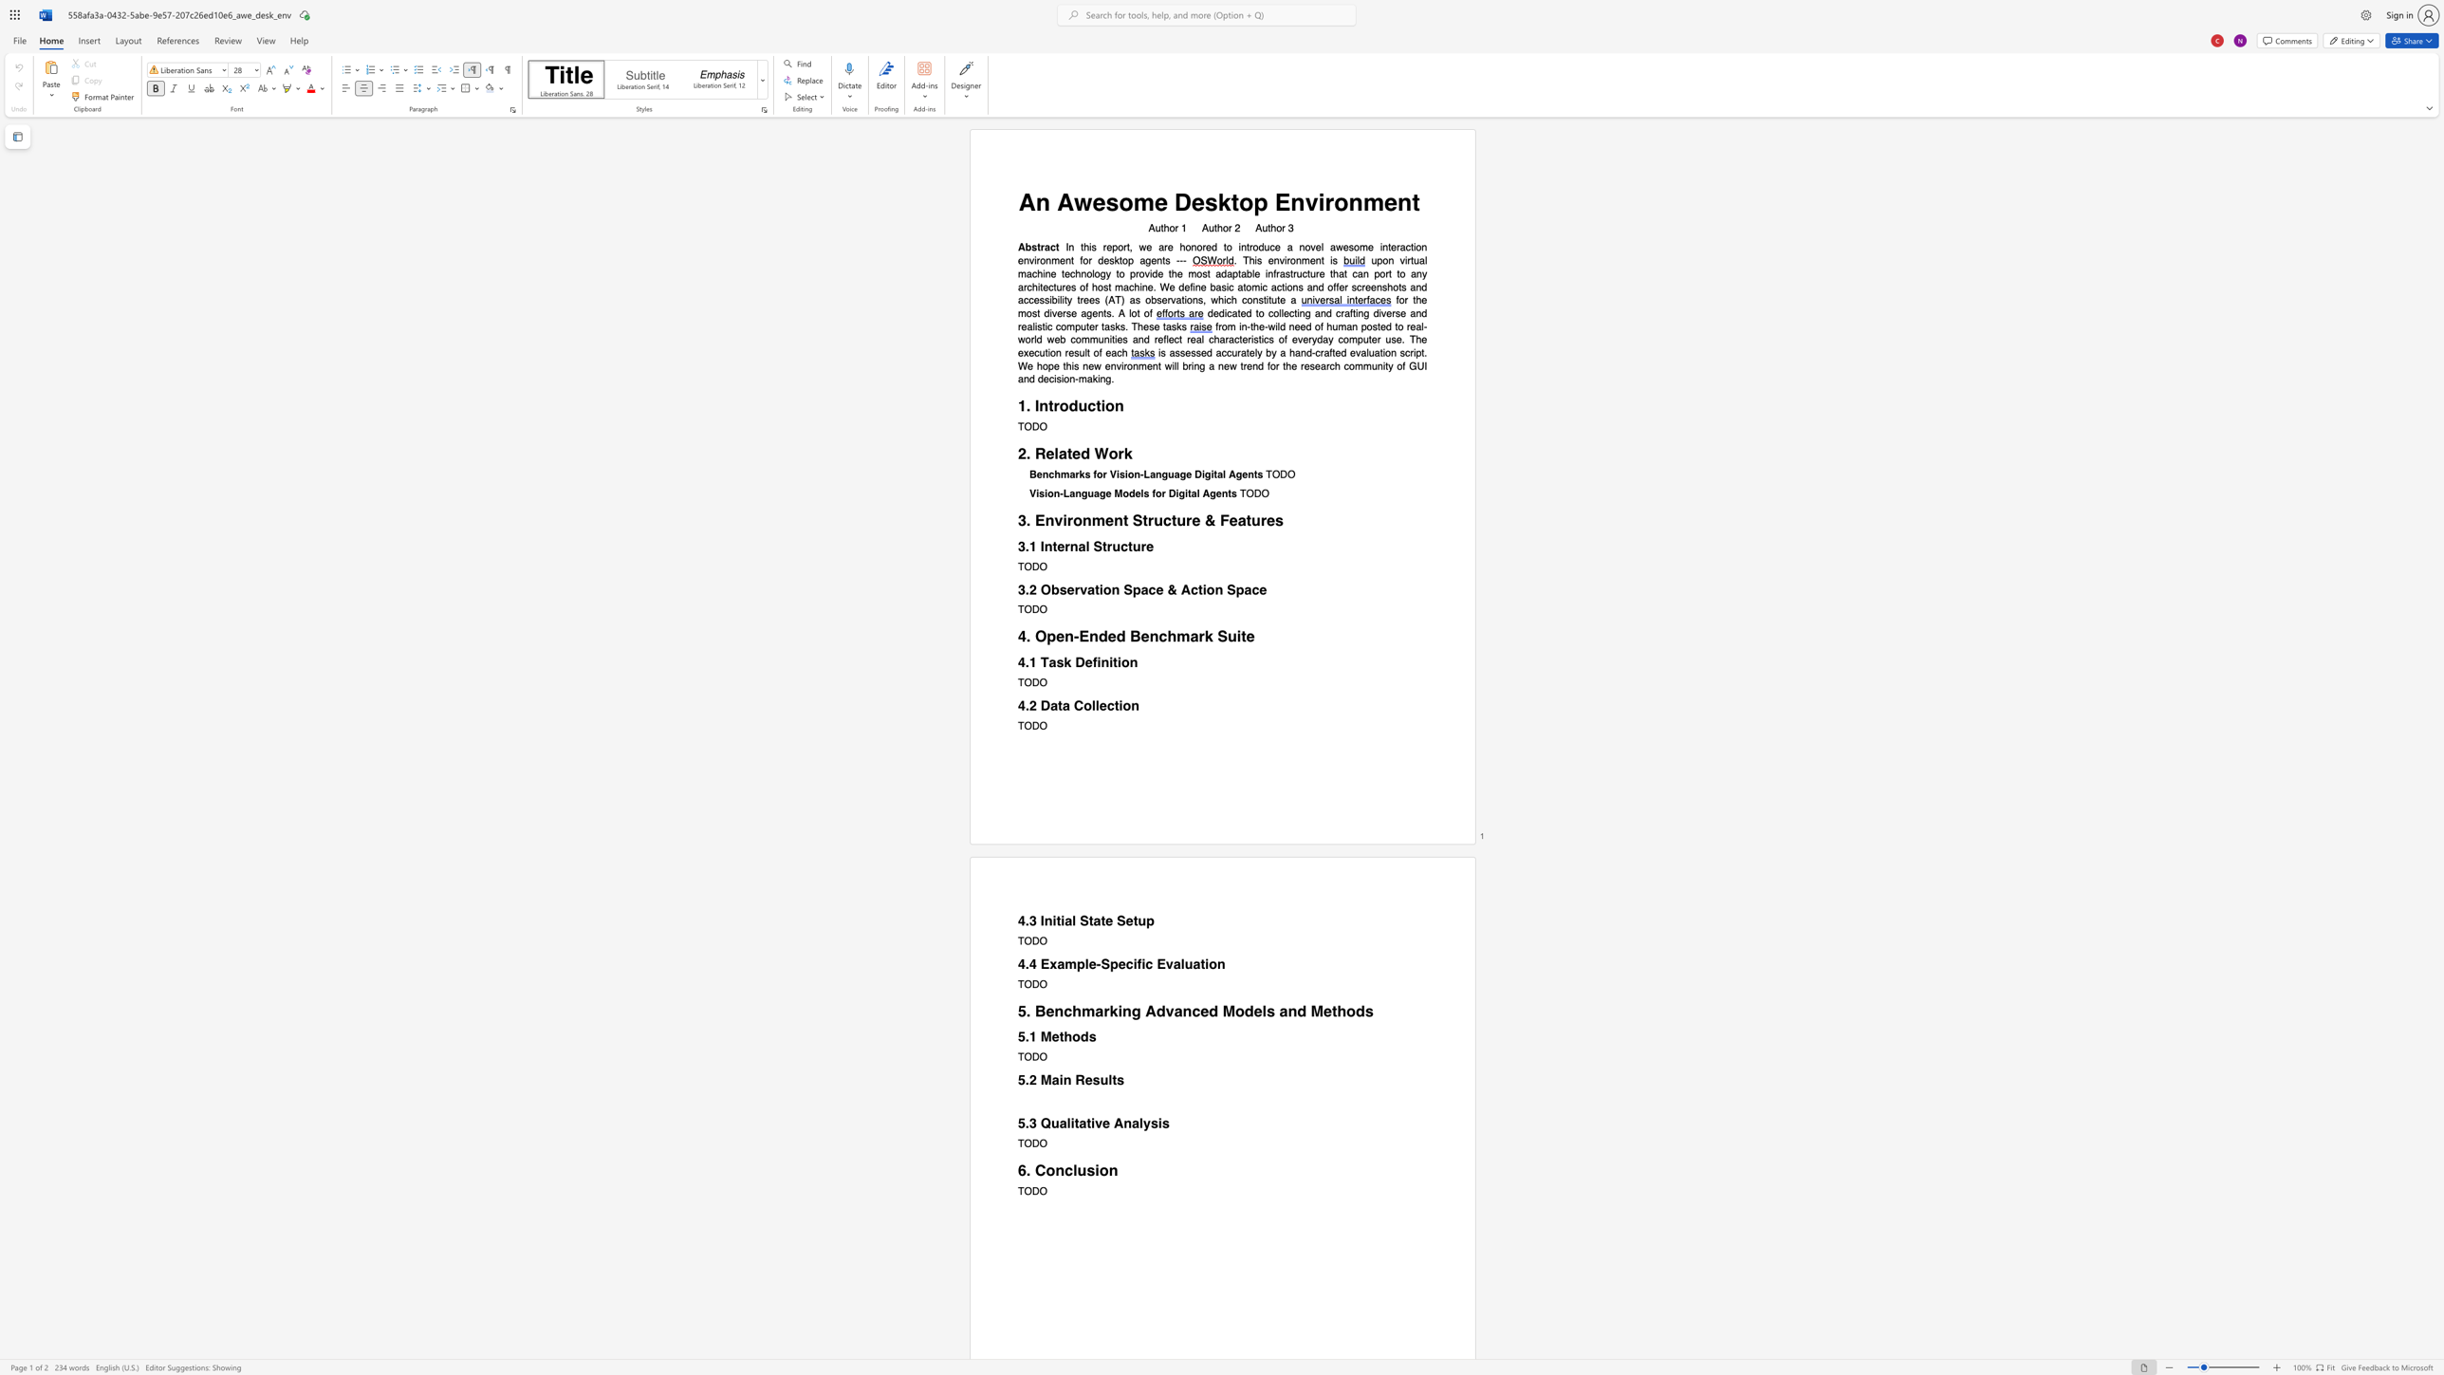 The height and width of the screenshot is (1375, 2444). I want to click on the subset text "s -" within the text "In this report, we are honored to introduce a novel awesome interaction environment for desktop agents ---", so click(1164, 260).